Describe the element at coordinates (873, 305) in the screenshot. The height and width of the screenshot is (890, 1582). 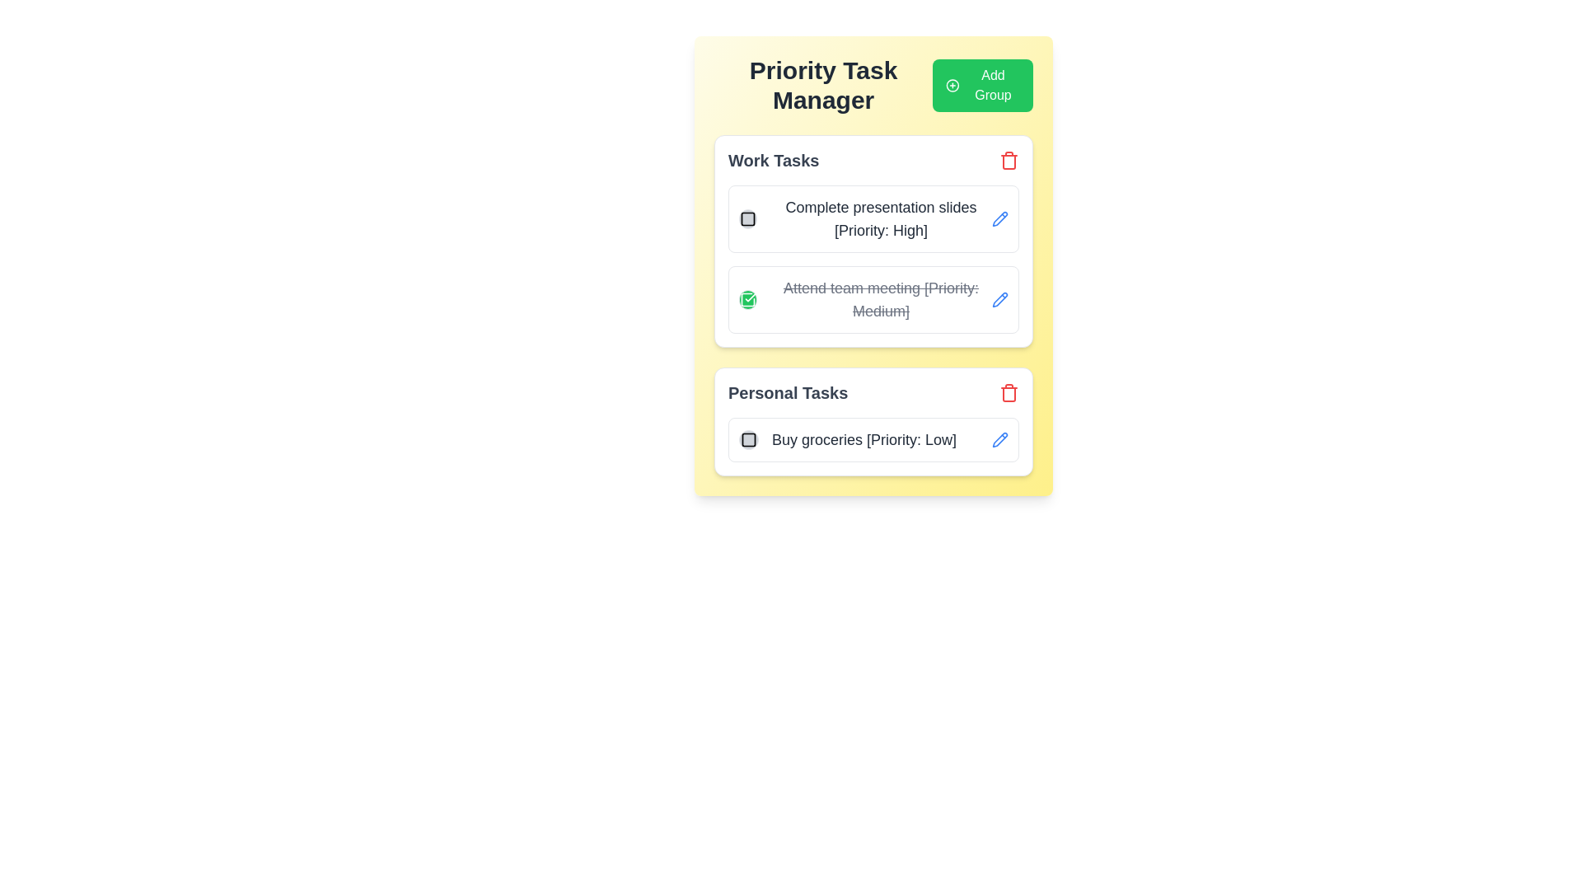
I see `the checkmark of the second task item under the 'Work Tasks' section` at that location.